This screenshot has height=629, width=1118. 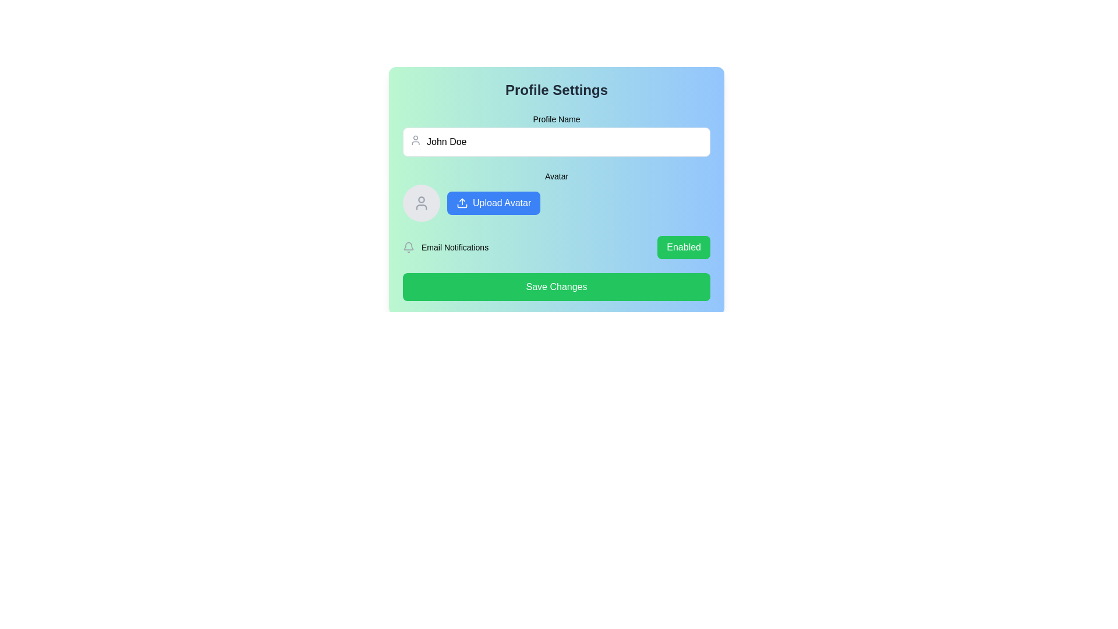 What do you see at coordinates (421, 202) in the screenshot?
I see `the circular placeholder with a muted gray background and a user profile icon, which serves as an avatar upload target` at bounding box center [421, 202].